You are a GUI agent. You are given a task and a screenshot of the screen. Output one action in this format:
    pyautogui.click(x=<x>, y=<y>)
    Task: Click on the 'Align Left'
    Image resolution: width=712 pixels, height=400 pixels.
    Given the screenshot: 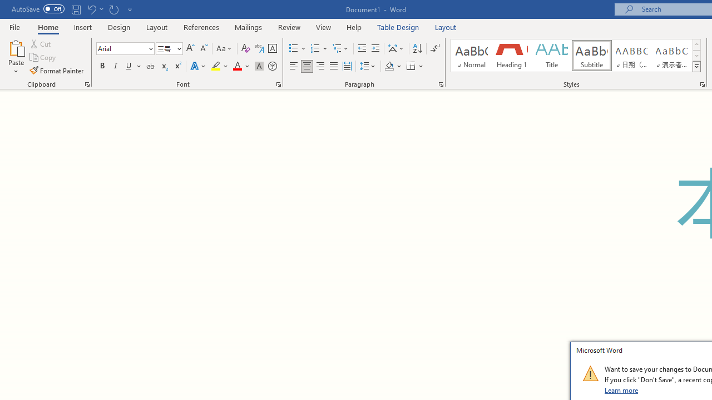 What is the action you would take?
    pyautogui.click(x=294, y=66)
    